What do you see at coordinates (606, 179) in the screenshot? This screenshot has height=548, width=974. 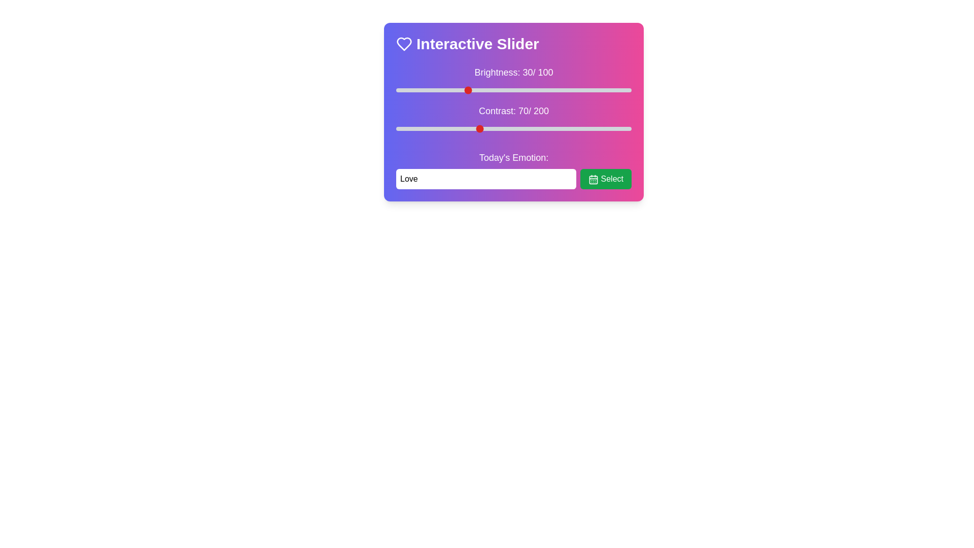 I see `the interactive element Select Button` at bounding box center [606, 179].